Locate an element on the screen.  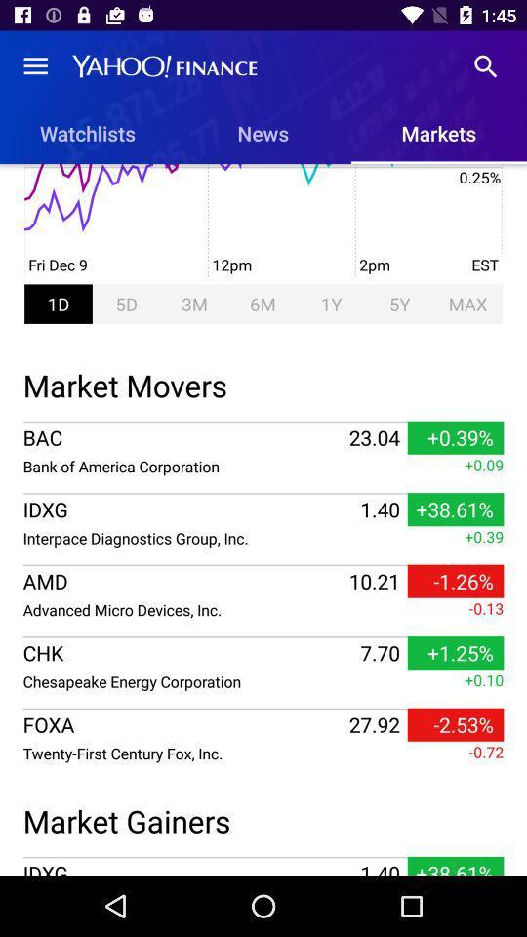
the item next to the 10.21 item is located at coordinates (183, 608).